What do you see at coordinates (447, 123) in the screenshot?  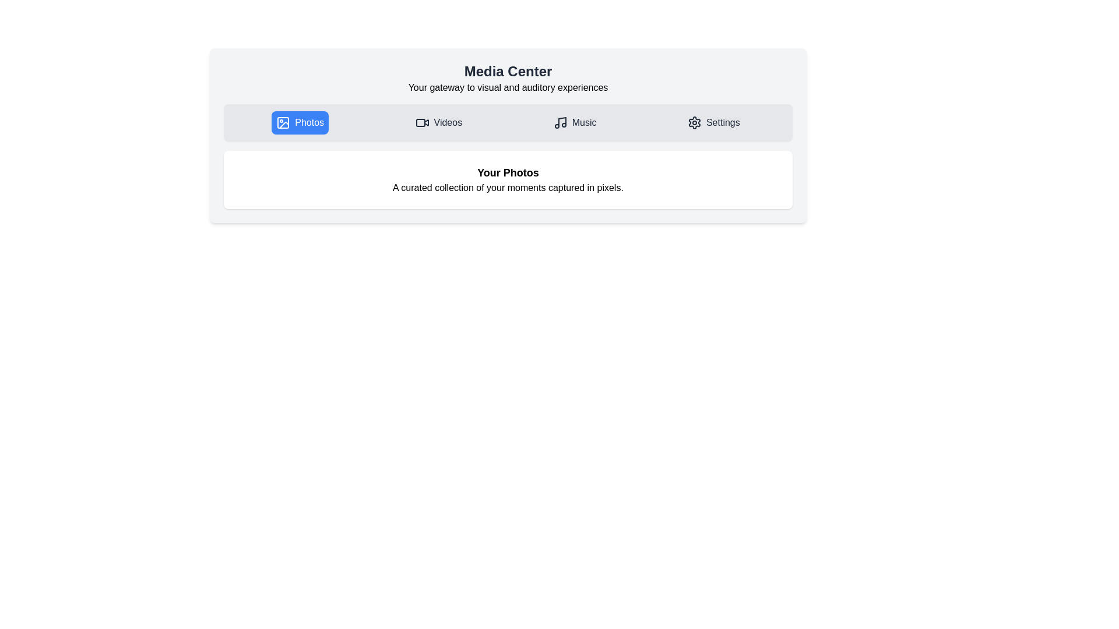 I see `'Videos' label located in the horizontal navigation row beneath the 'Media Center' heading, specifically the second item from the left after 'Photos'` at bounding box center [447, 123].